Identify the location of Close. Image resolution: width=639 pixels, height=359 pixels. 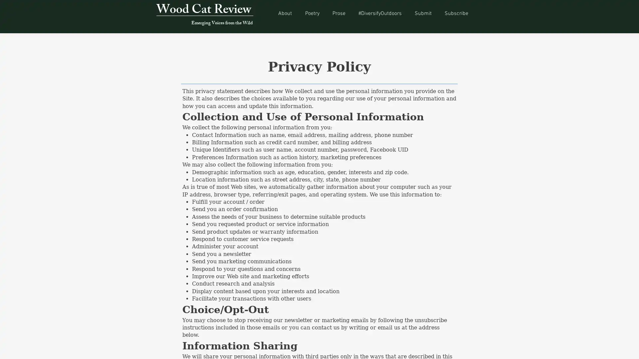
(631, 348).